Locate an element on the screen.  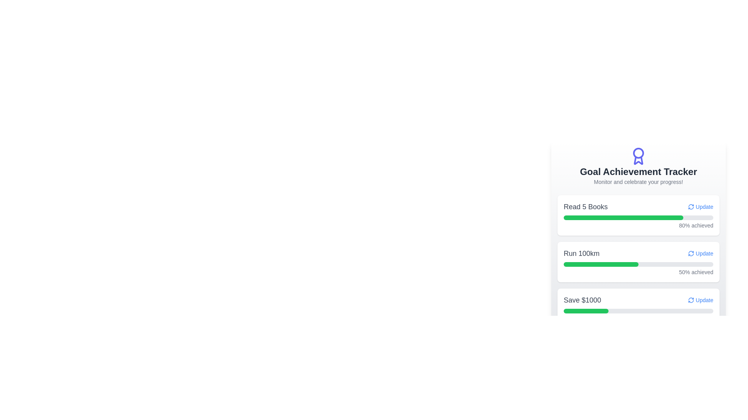
the progress bar indicating the completion towards saving $1000, located below the text 'Save $1000' and to the left of the 'Update' button is located at coordinates (638, 310).